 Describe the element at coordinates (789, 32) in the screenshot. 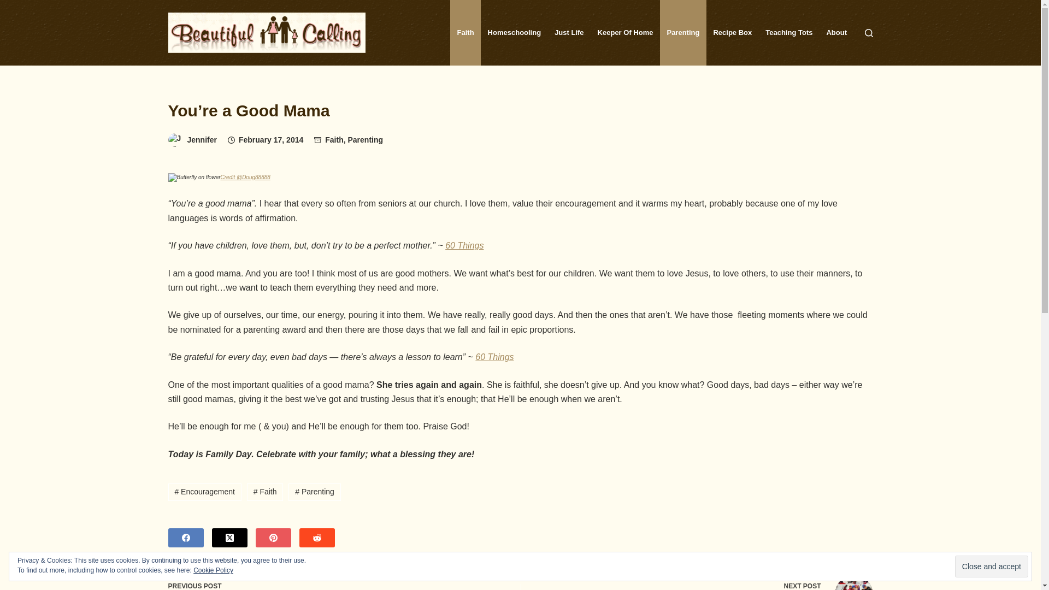

I see `'Teaching Tots'` at that location.